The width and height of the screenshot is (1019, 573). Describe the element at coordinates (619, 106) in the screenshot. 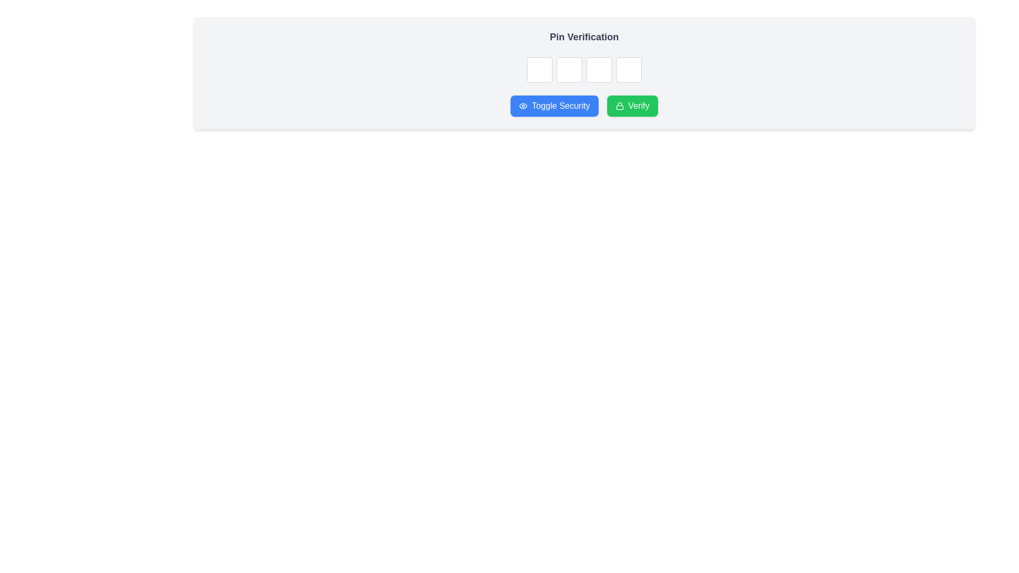

I see `the padlock icon located within the green 'Verify' button, positioned to the left of the 'Verify' text label` at that location.